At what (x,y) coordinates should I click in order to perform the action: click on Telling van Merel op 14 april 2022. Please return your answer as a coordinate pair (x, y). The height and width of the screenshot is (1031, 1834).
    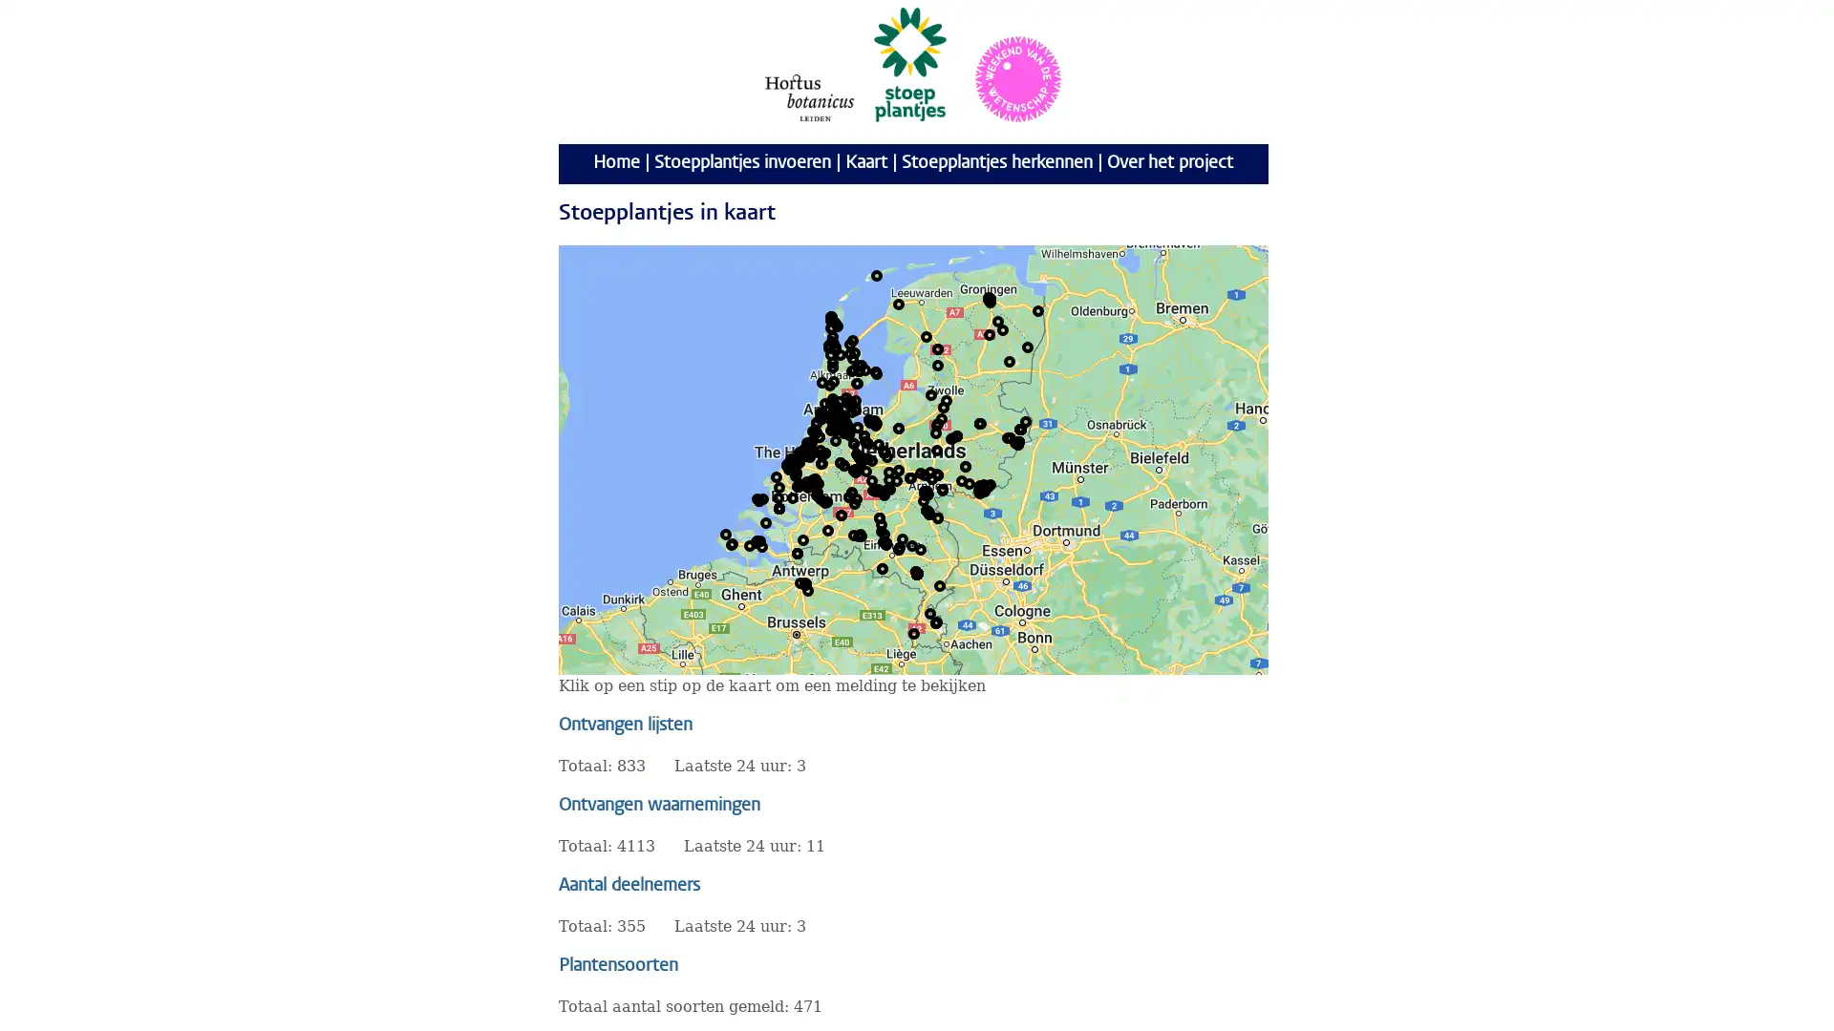
    Looking at the image, I should click on (842, 419).